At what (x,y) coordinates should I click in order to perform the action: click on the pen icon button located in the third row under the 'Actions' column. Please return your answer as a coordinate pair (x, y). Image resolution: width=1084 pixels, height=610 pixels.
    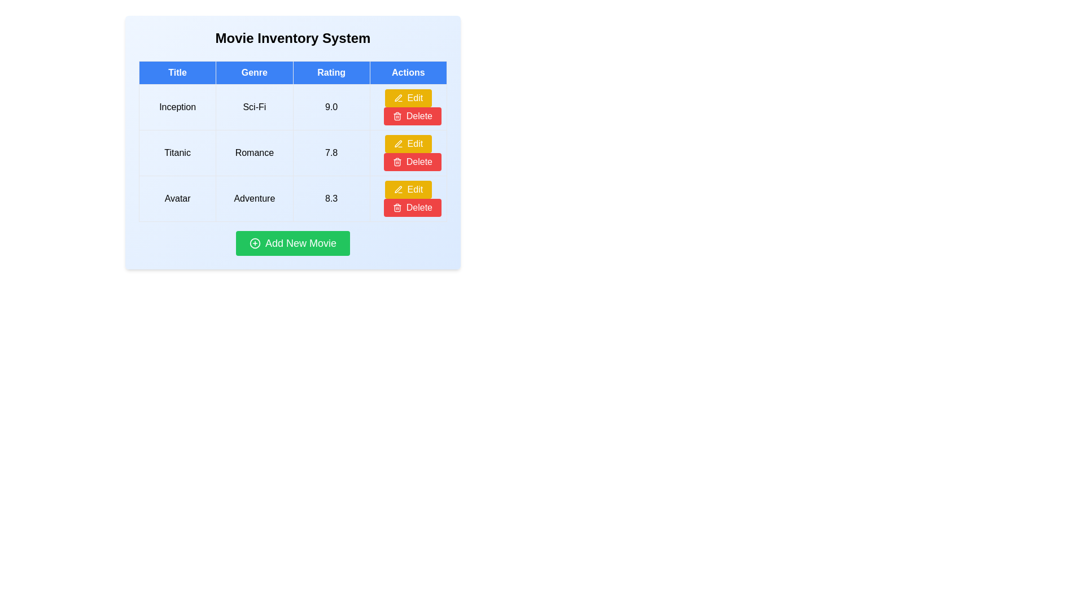
    Looking at the image, I should click on (398, 189).